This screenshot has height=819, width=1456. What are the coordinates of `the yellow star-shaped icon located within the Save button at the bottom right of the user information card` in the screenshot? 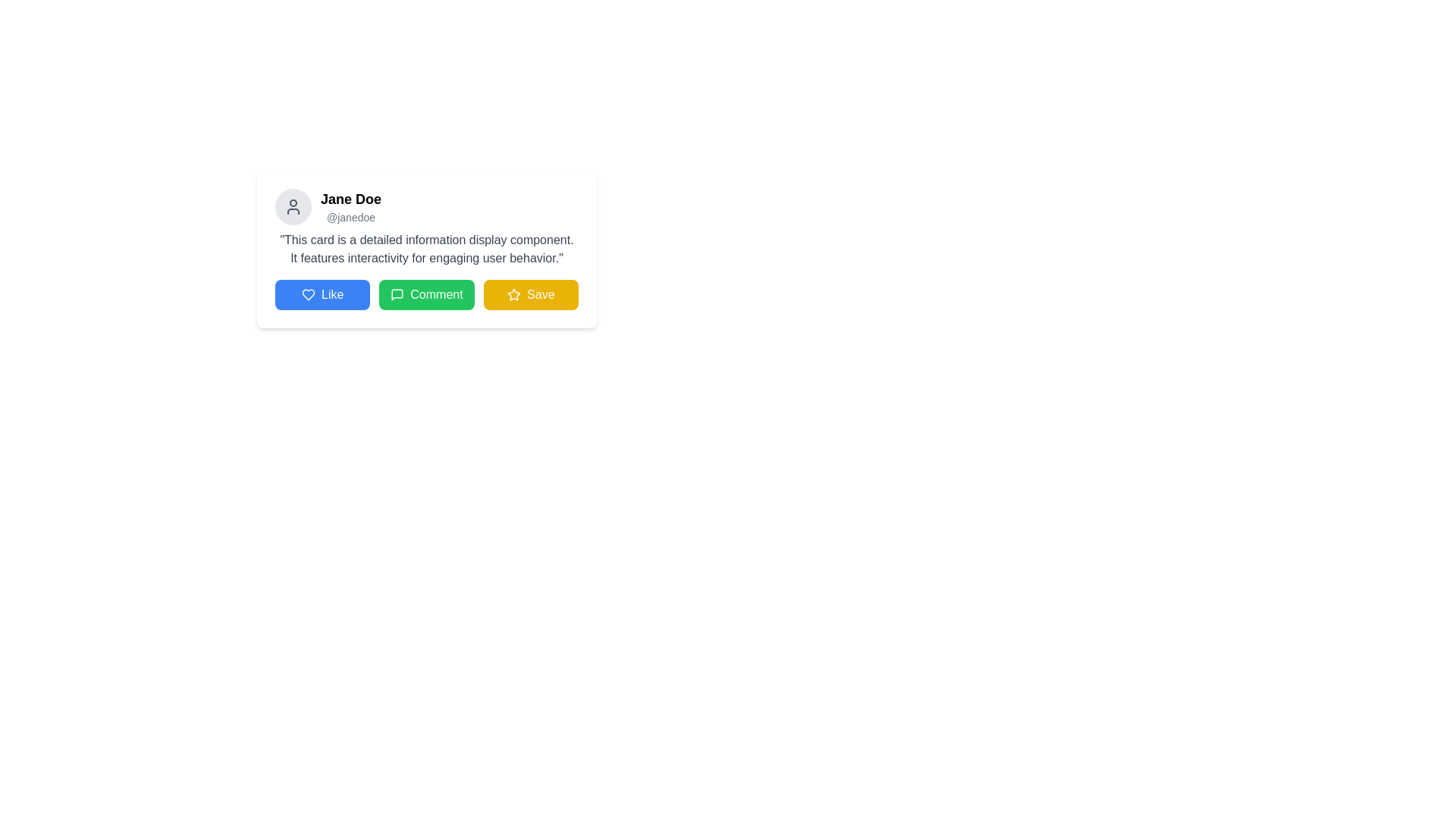 It's located at (514, 294).